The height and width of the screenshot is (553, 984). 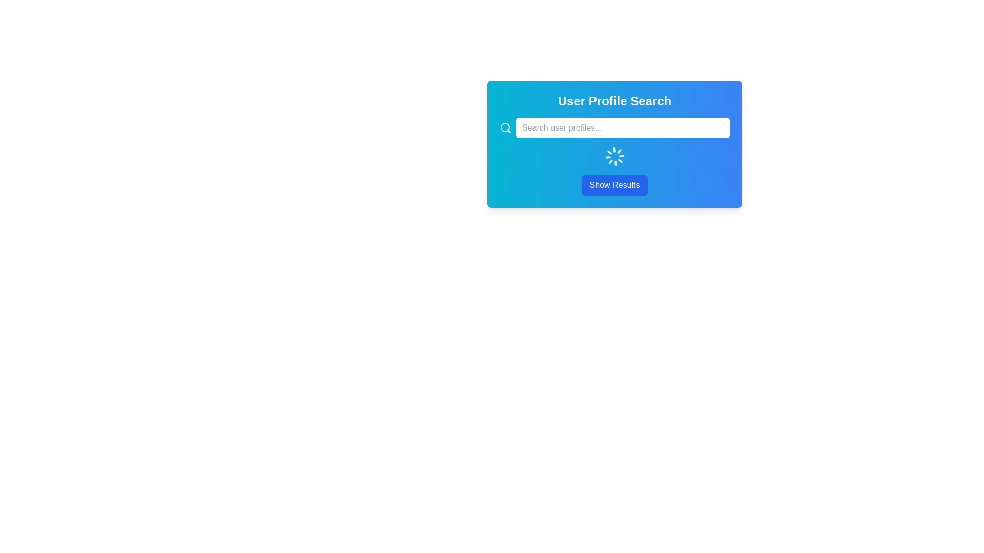 What do you see at coordinates (614, 156) in the screenshot?
I see `the animated loading spinner located centrally below the search bar and above the 'Show Results' button` at bounding box center [614, 156].